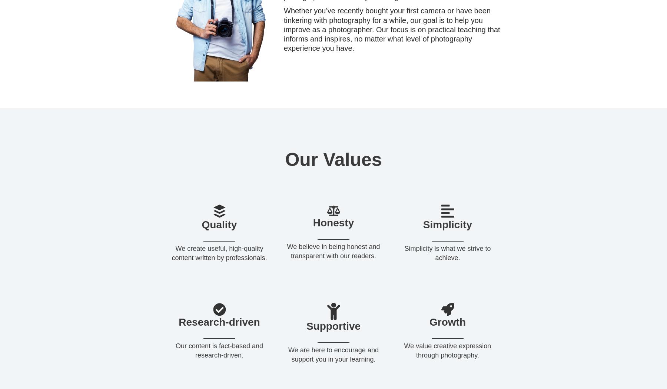  Describe the element at coordinates (333, 326) in the screenshot. I see `'Supportive'` at that location.